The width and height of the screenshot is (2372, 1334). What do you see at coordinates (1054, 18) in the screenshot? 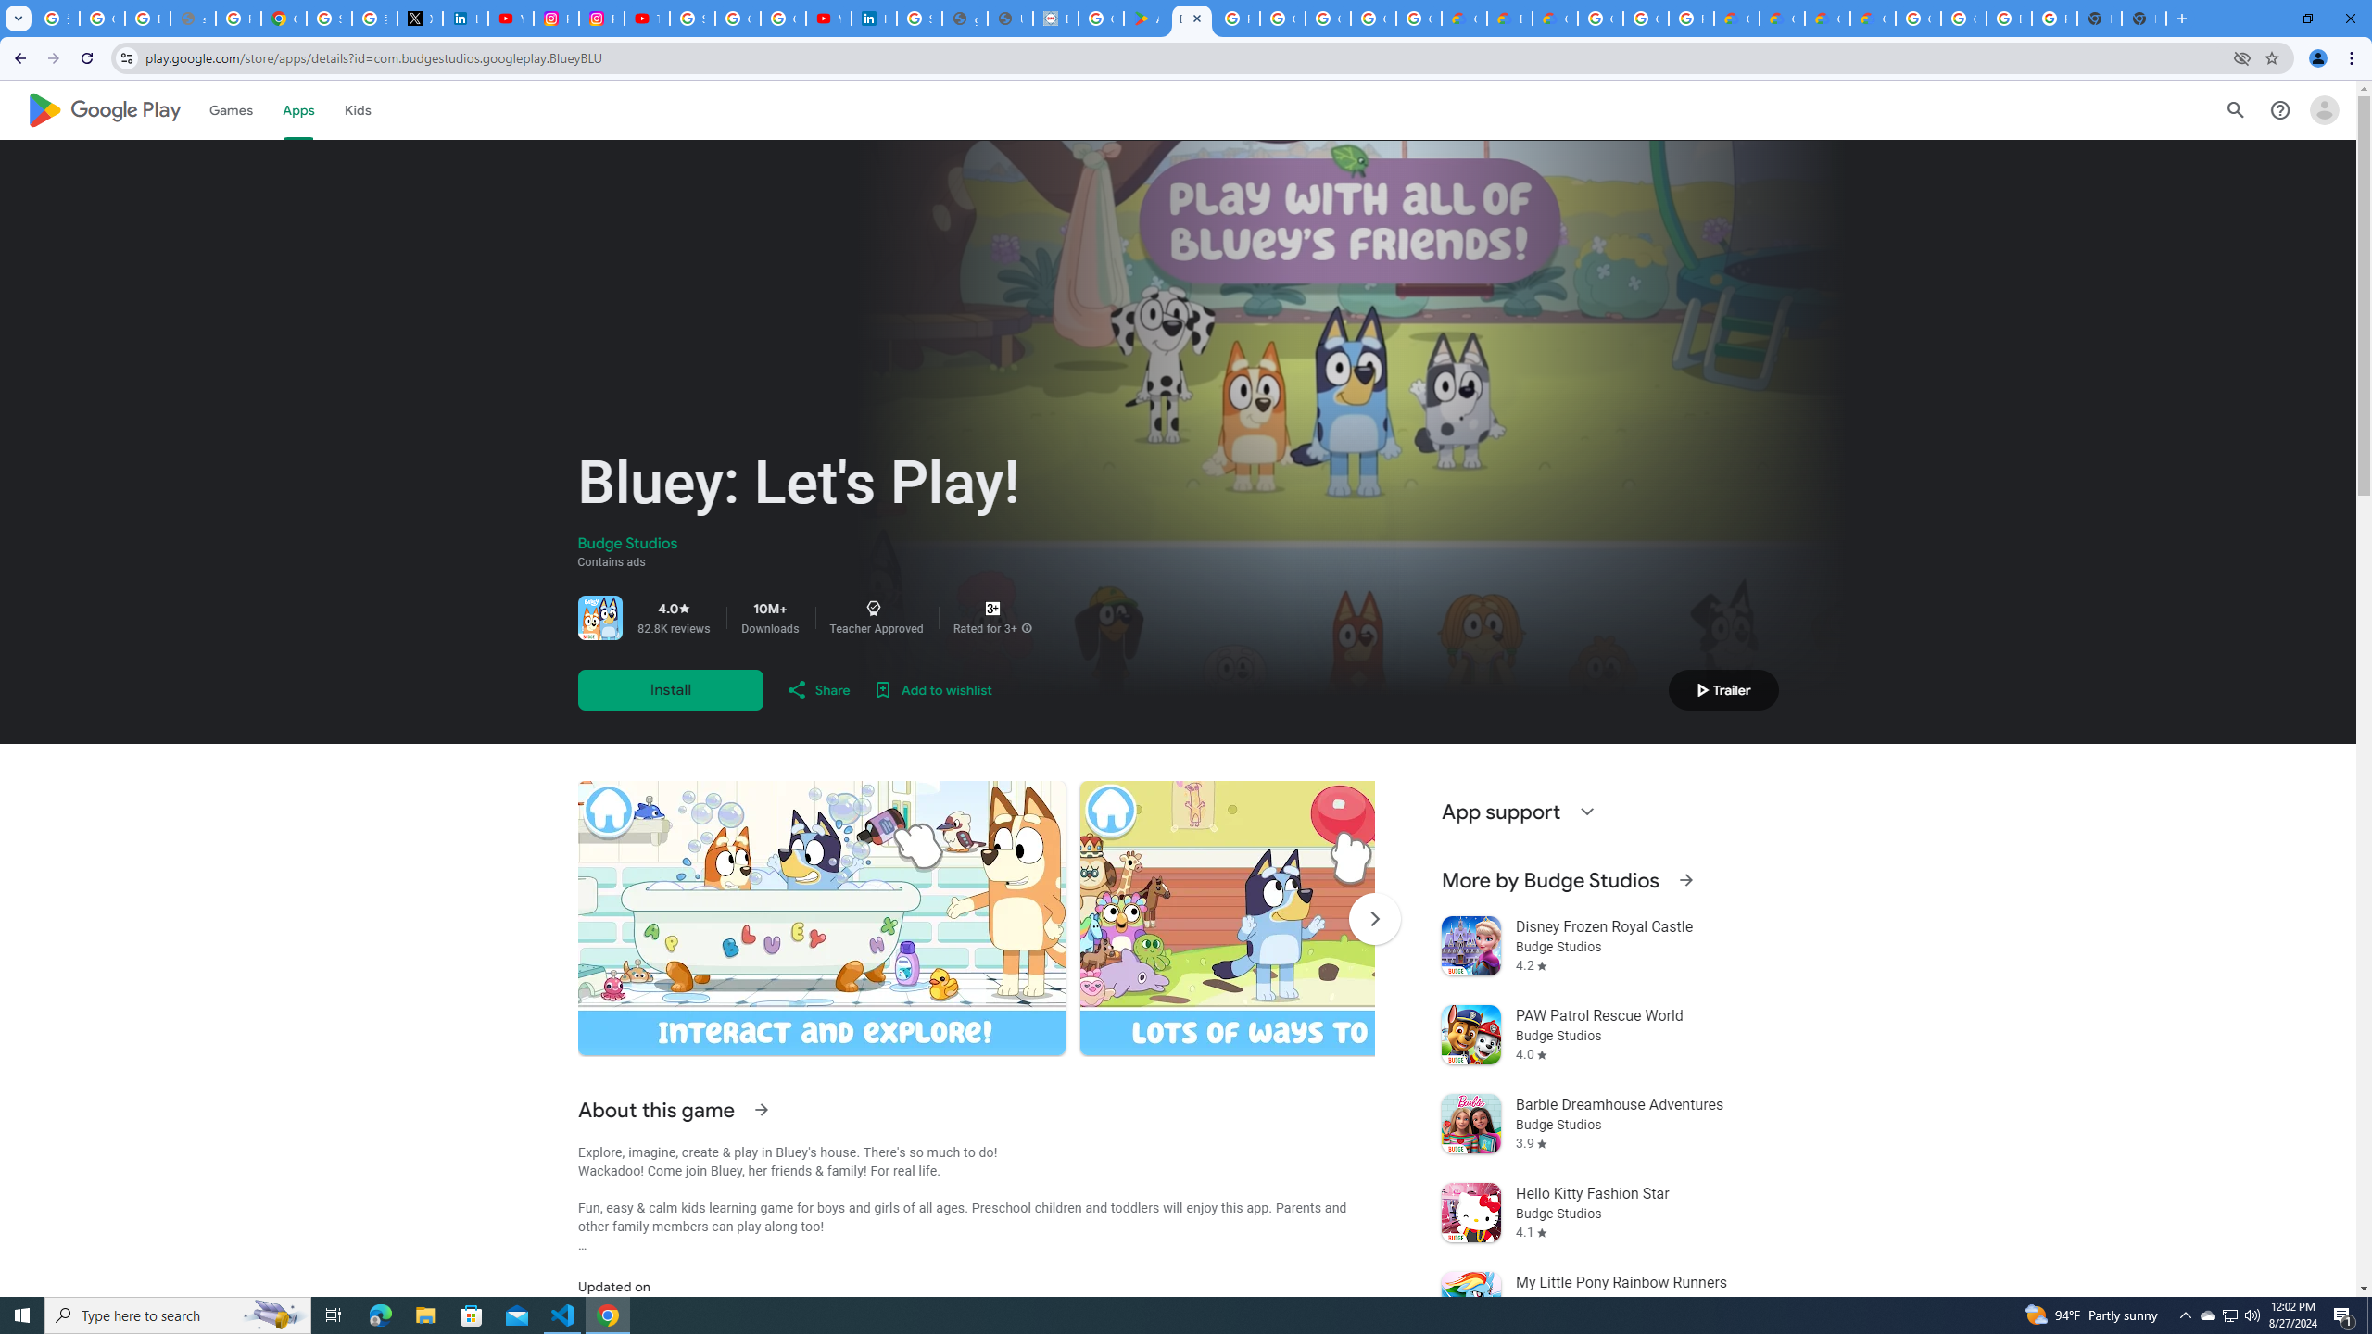
I see `'Data Privacy Framework'` at bounding box center [1054, 18].